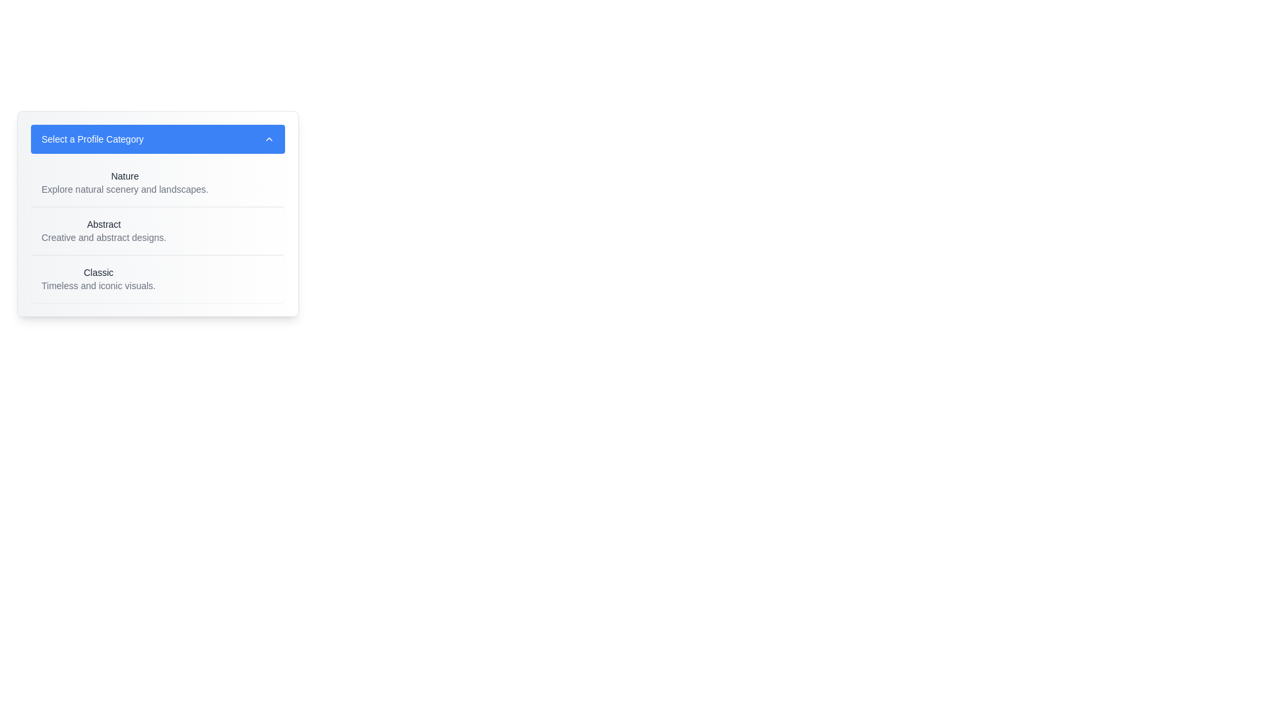 The width and height of the screenshot is (1267, 713). What do you see at coordinates (92, 139) in the screenshot?
I see `the text label 'Select a Profile Category', which is styled with a white font on a blue background and is located near the center-top of the dropdown header component` at bounding box center [92, 139].